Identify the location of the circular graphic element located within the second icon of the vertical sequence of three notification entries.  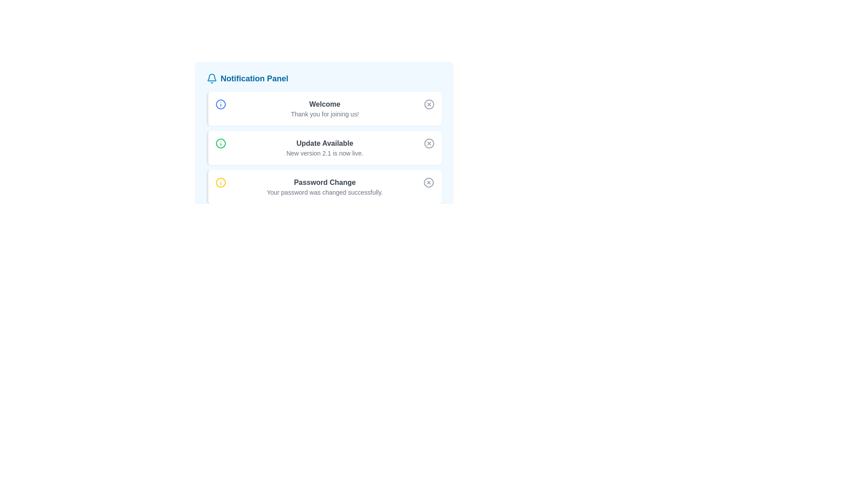
(220, 143).